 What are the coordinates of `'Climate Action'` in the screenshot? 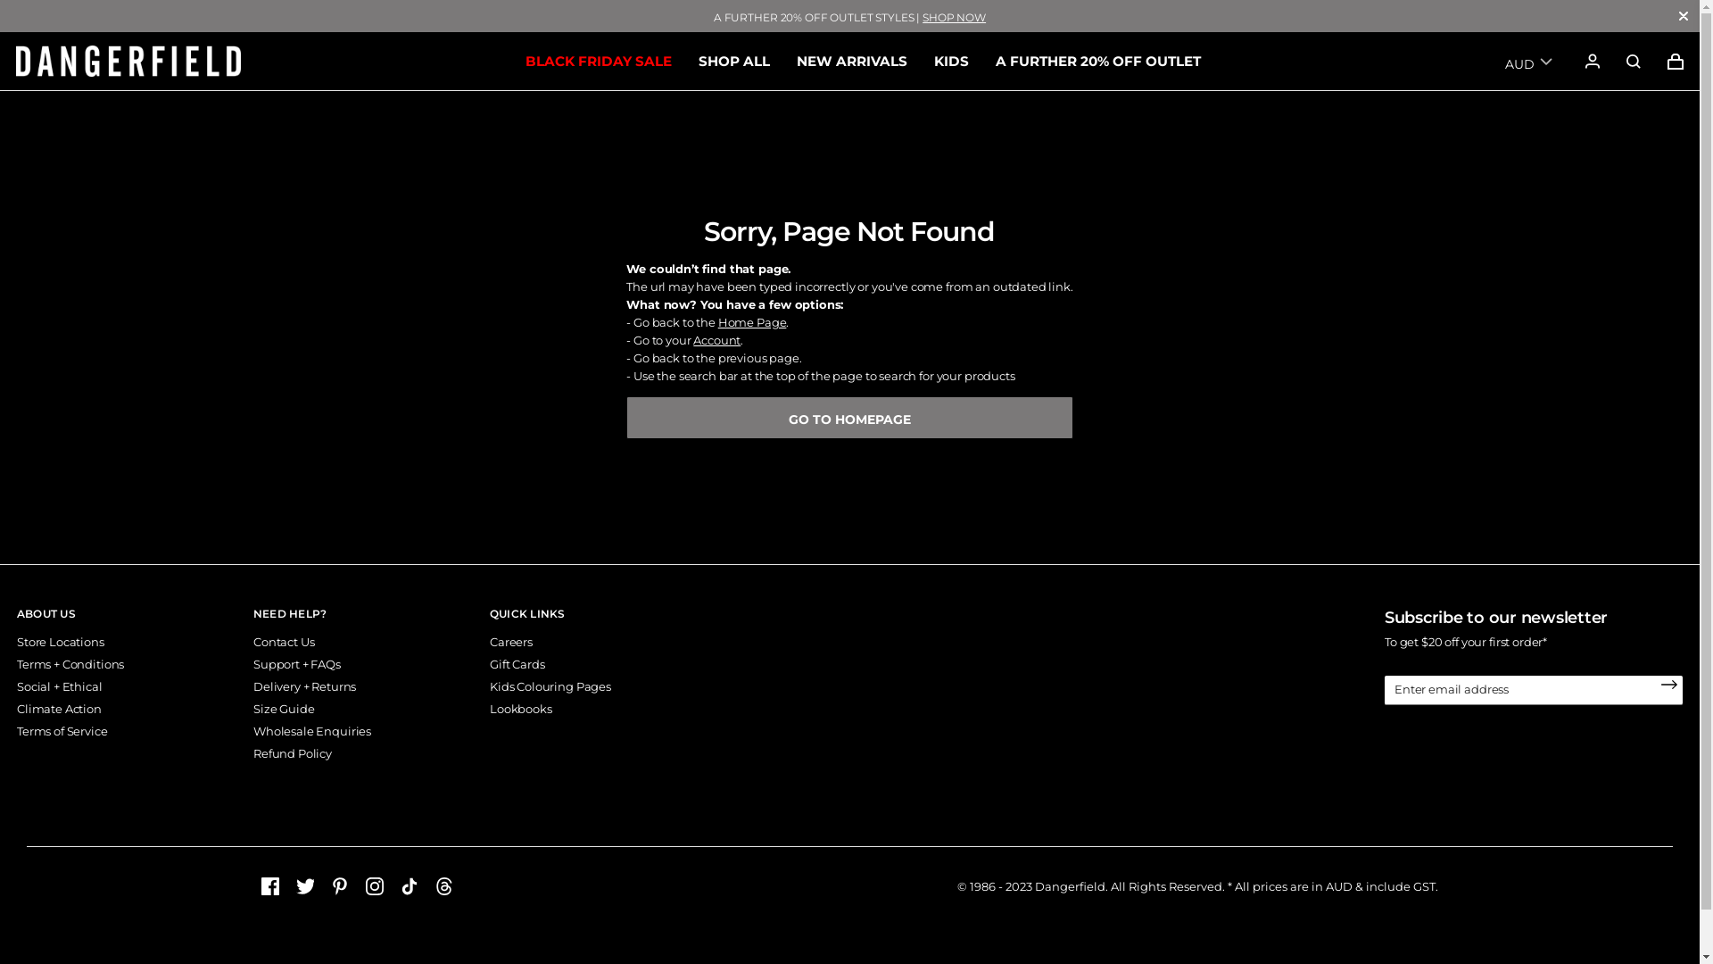 It's located at (59, 708).